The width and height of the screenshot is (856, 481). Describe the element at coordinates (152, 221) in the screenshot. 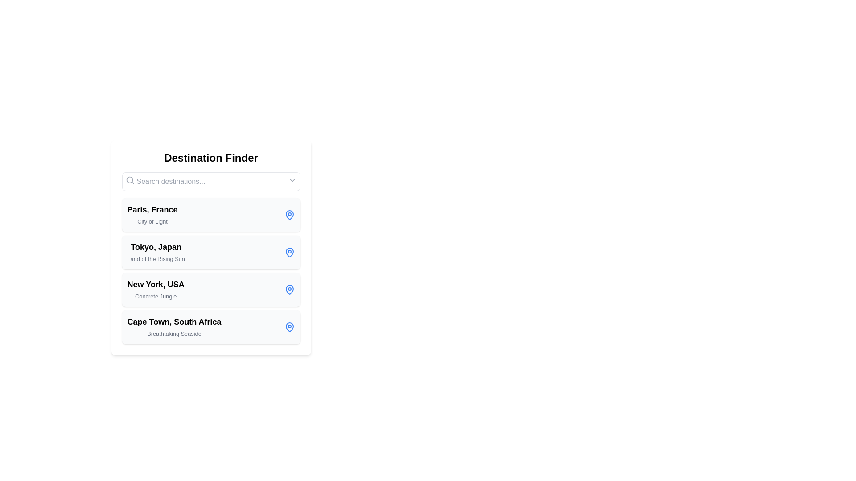

I see `descriptive subtitle or tagline for the location 'Paris, France', which is located directly beneath the text 'Paris, France' within the same card` at that location.